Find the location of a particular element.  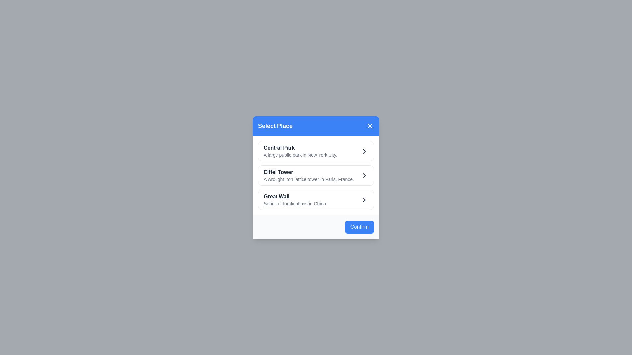

the place Great Wall from the list is located at coordinates (316, 200).